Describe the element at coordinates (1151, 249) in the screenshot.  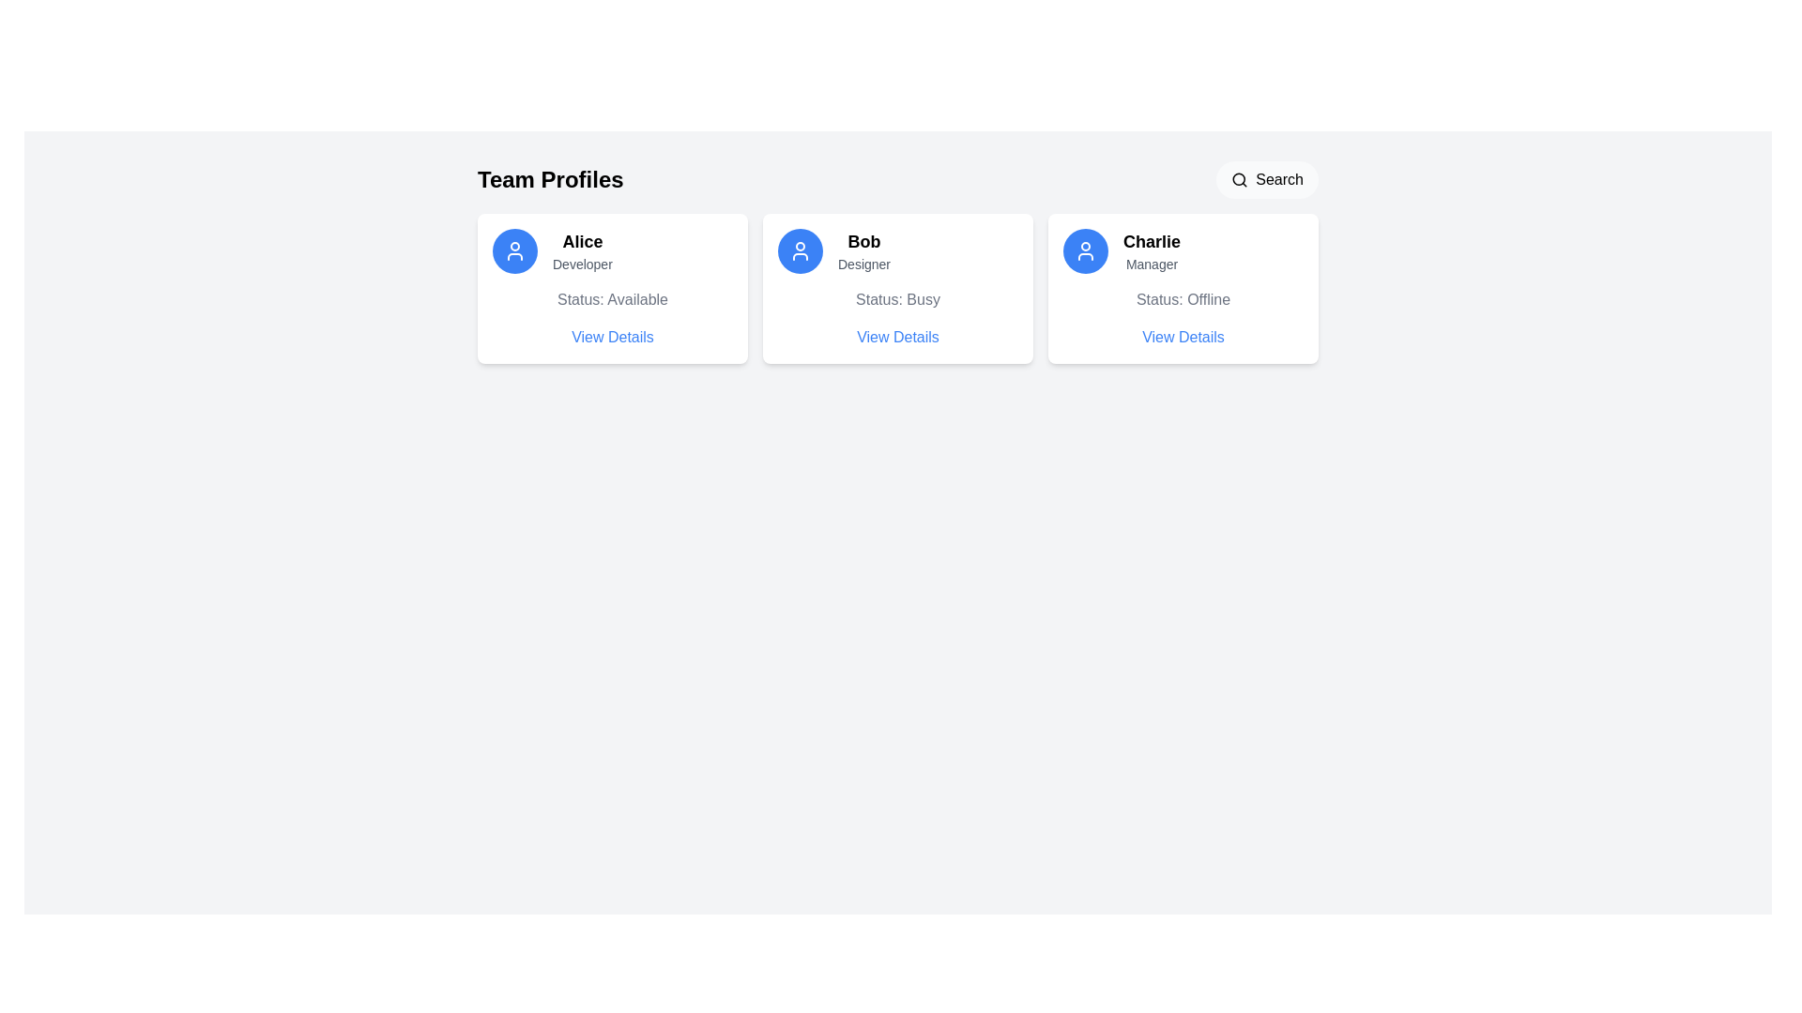
I see `the Text Label displaying 'CharlieManager', positioned in the third card of the 'Team Profiles' section, above 'Status: Offline'` at that location.